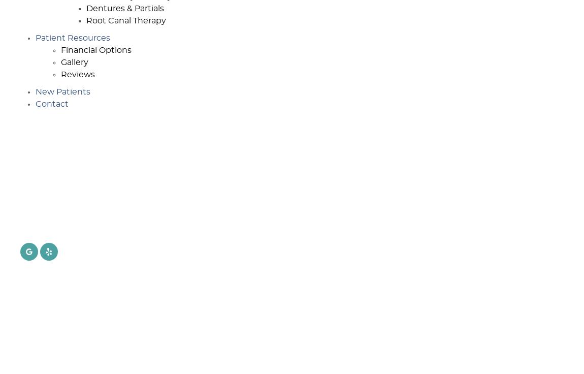  Describe the element at coordinates (522, 247) in the screenshot. I see `'8:00 a.m. - 4:00 p.m.'` at that location.